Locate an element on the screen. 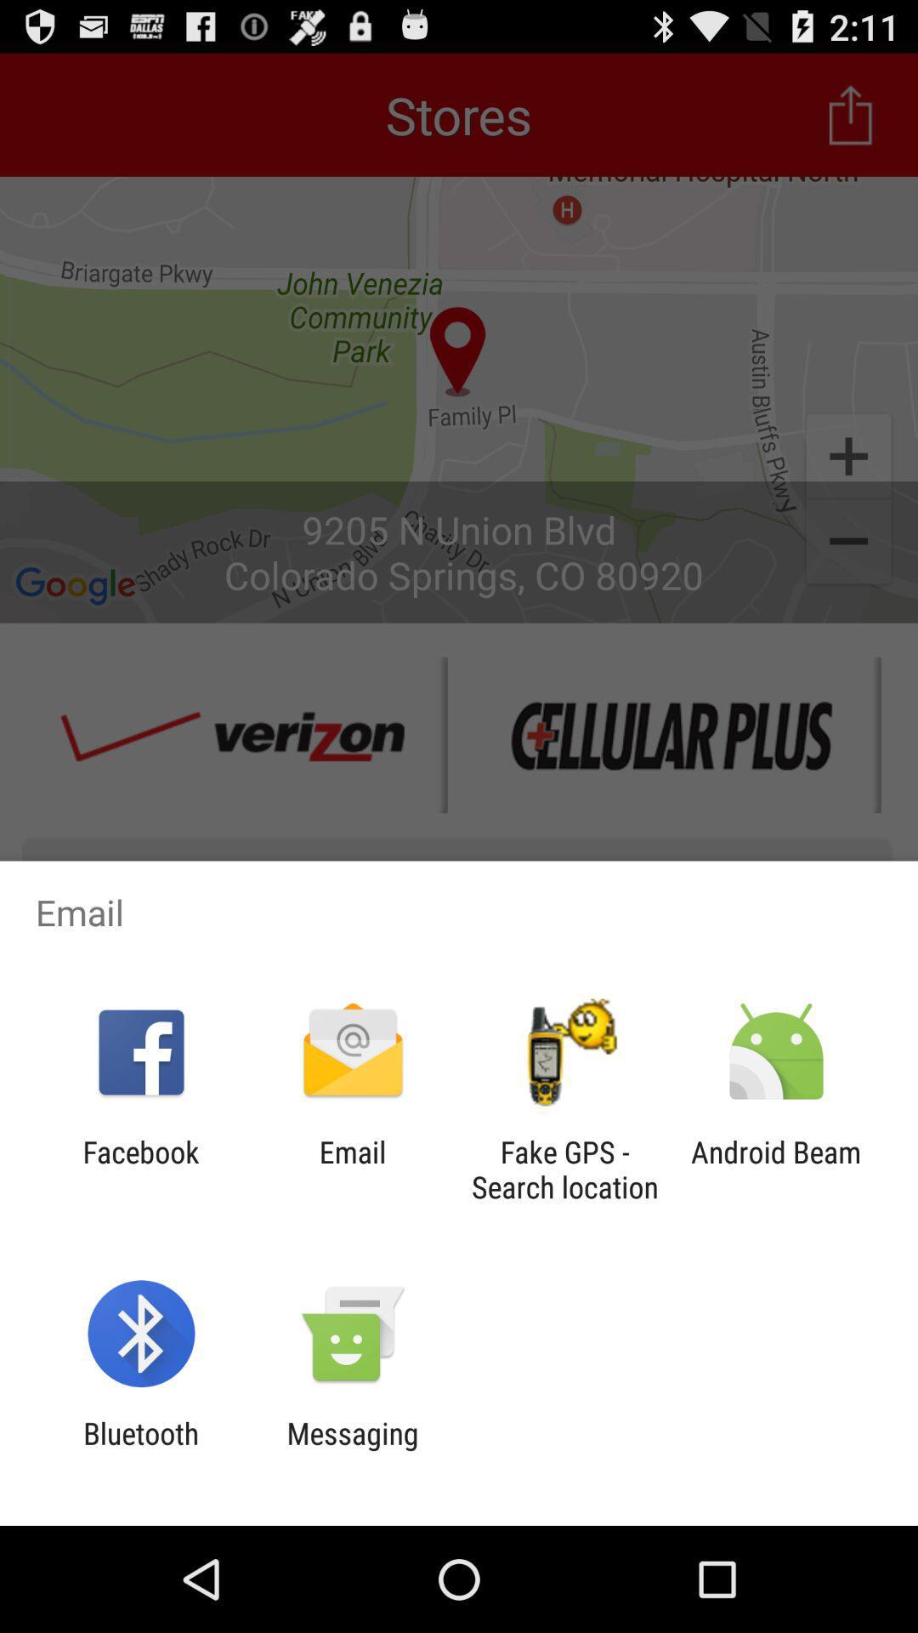 The image size is (918, 1633). fake gps search is located at coordinates (564, 1169).